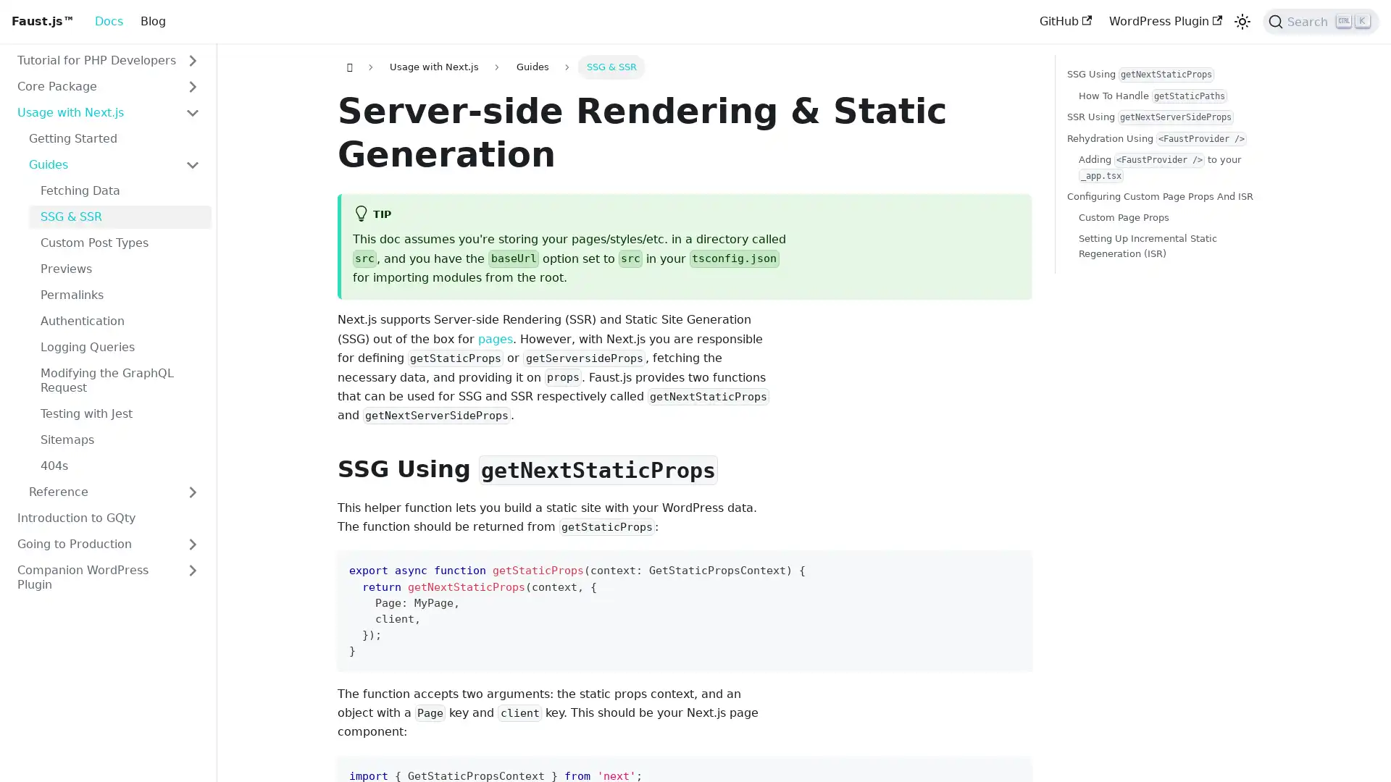  What do you see at coordinates (1013, 568) in the screenshot?
I see `Copy code to clipboard` at bounding box center [1013, 568].